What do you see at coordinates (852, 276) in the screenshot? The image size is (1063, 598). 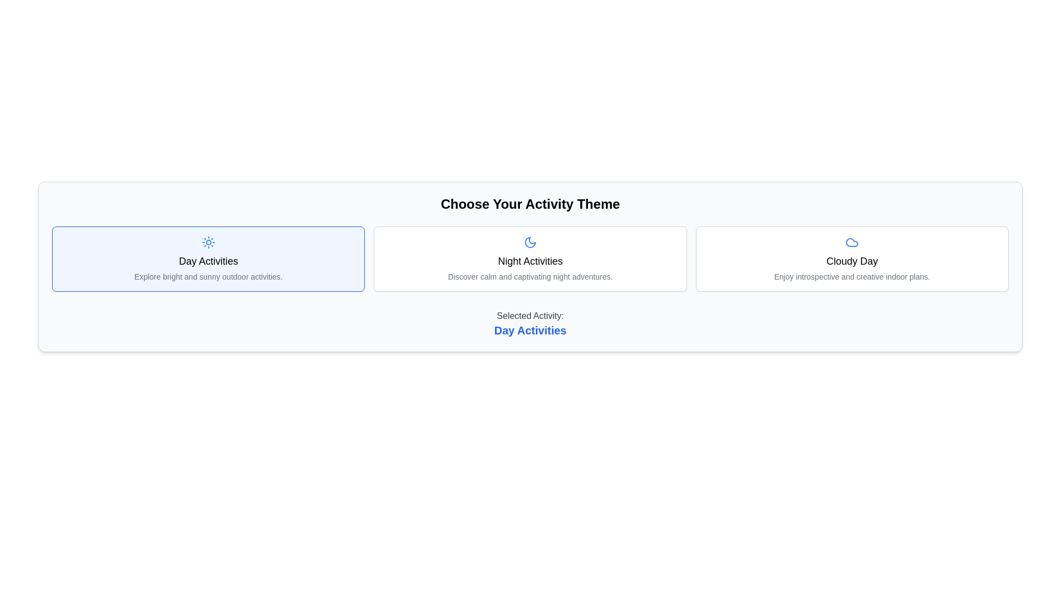 I see `the bottom text line of the 'Cloudy Day' panel, which provides descriptive information about the section's theme` at bounding box center [852, 276].